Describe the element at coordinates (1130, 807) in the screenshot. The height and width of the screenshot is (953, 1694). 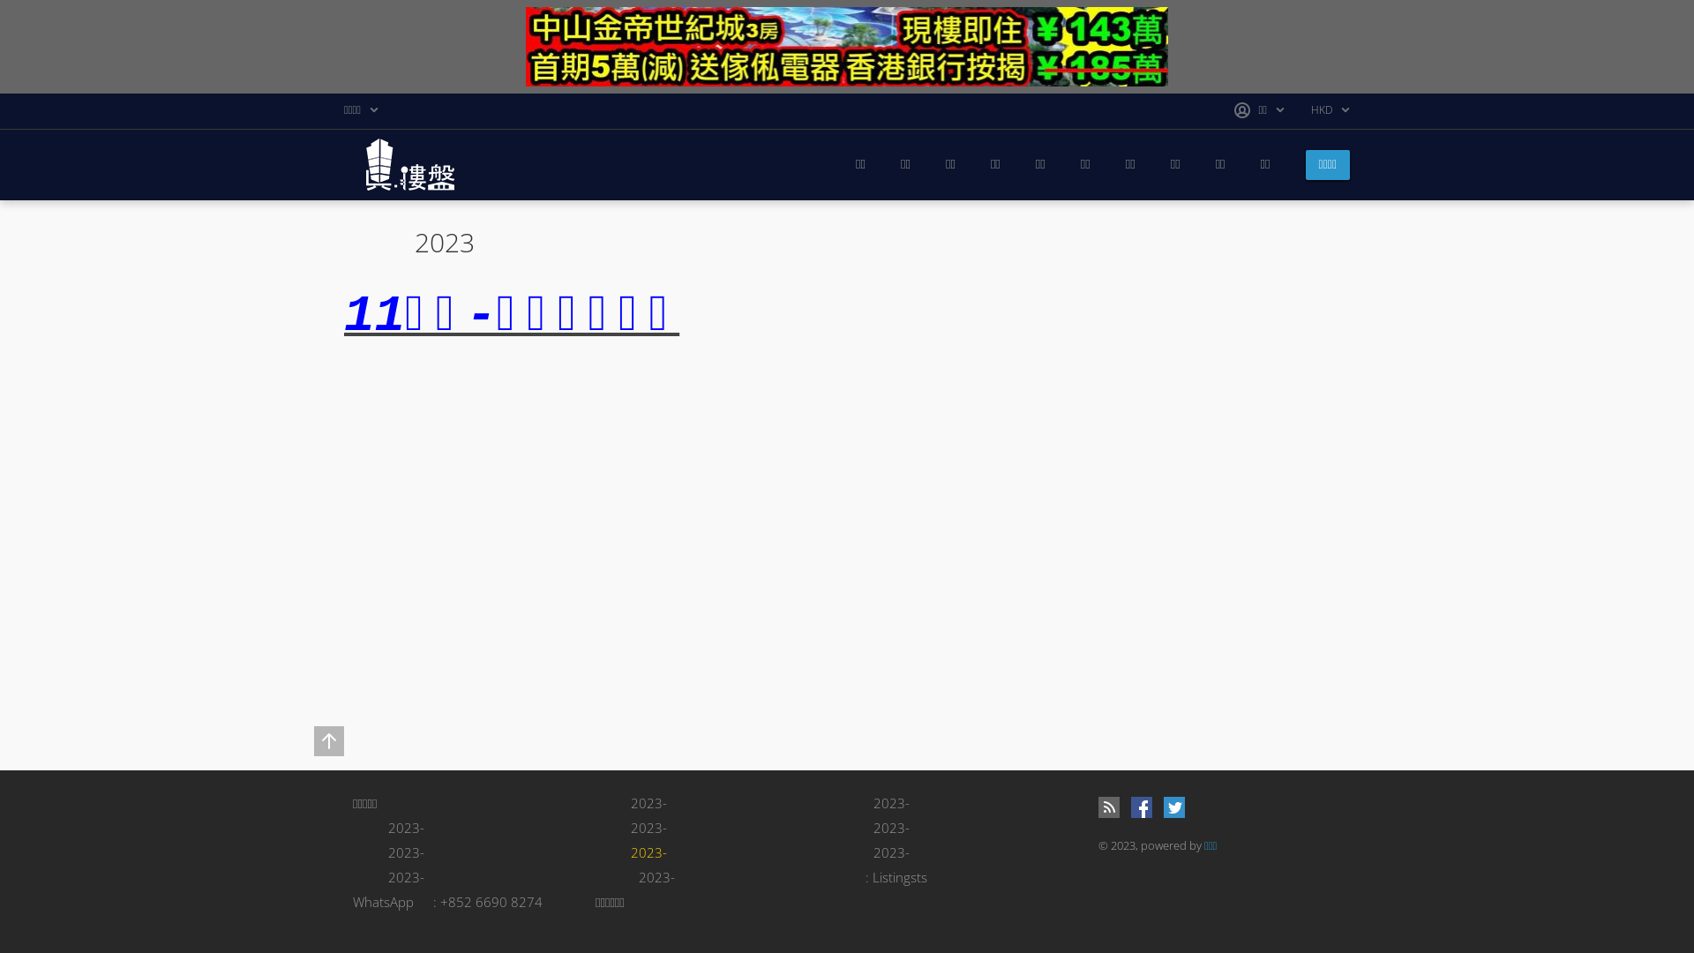
I see `'Join us on Facebook'` at that location.